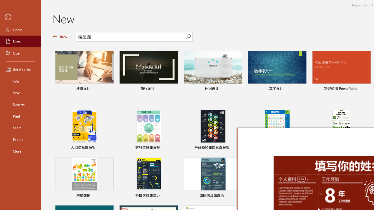  I want to click on 'Info', so click(20, 81).